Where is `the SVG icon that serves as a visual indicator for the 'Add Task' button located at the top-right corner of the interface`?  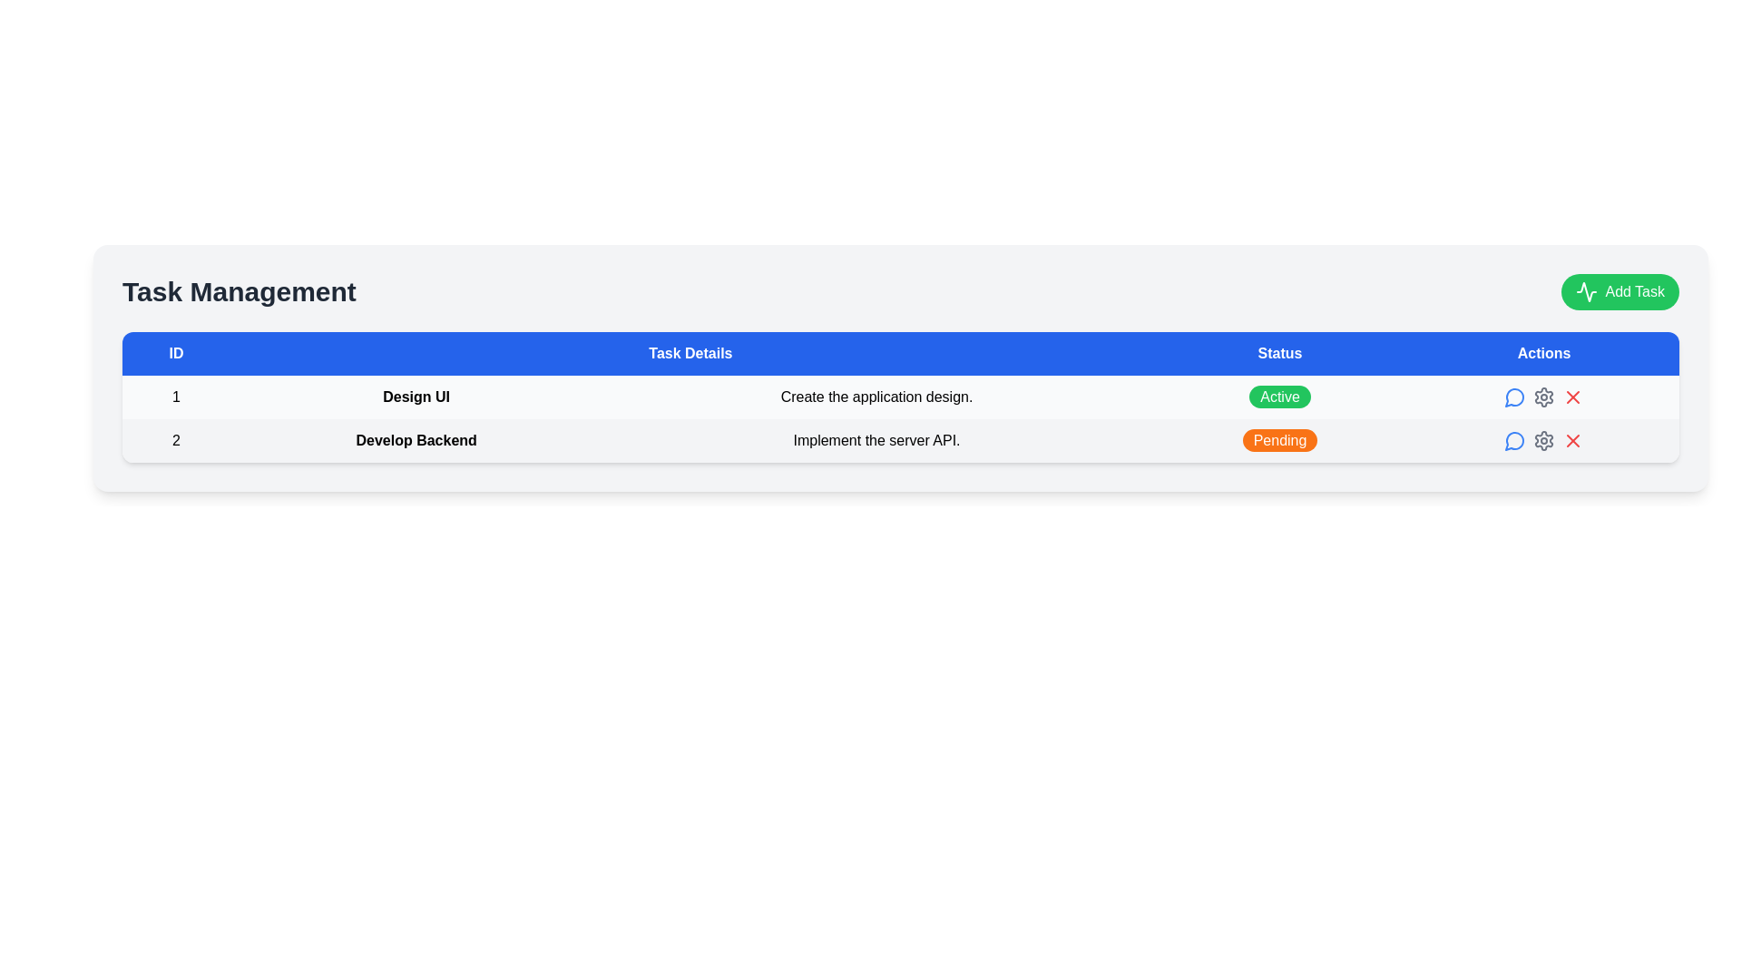 the SVG icon that serves as a visual indicator for the 'Add Task' button located at the top-right corner of the interface is located at coordinates (1586, 290).